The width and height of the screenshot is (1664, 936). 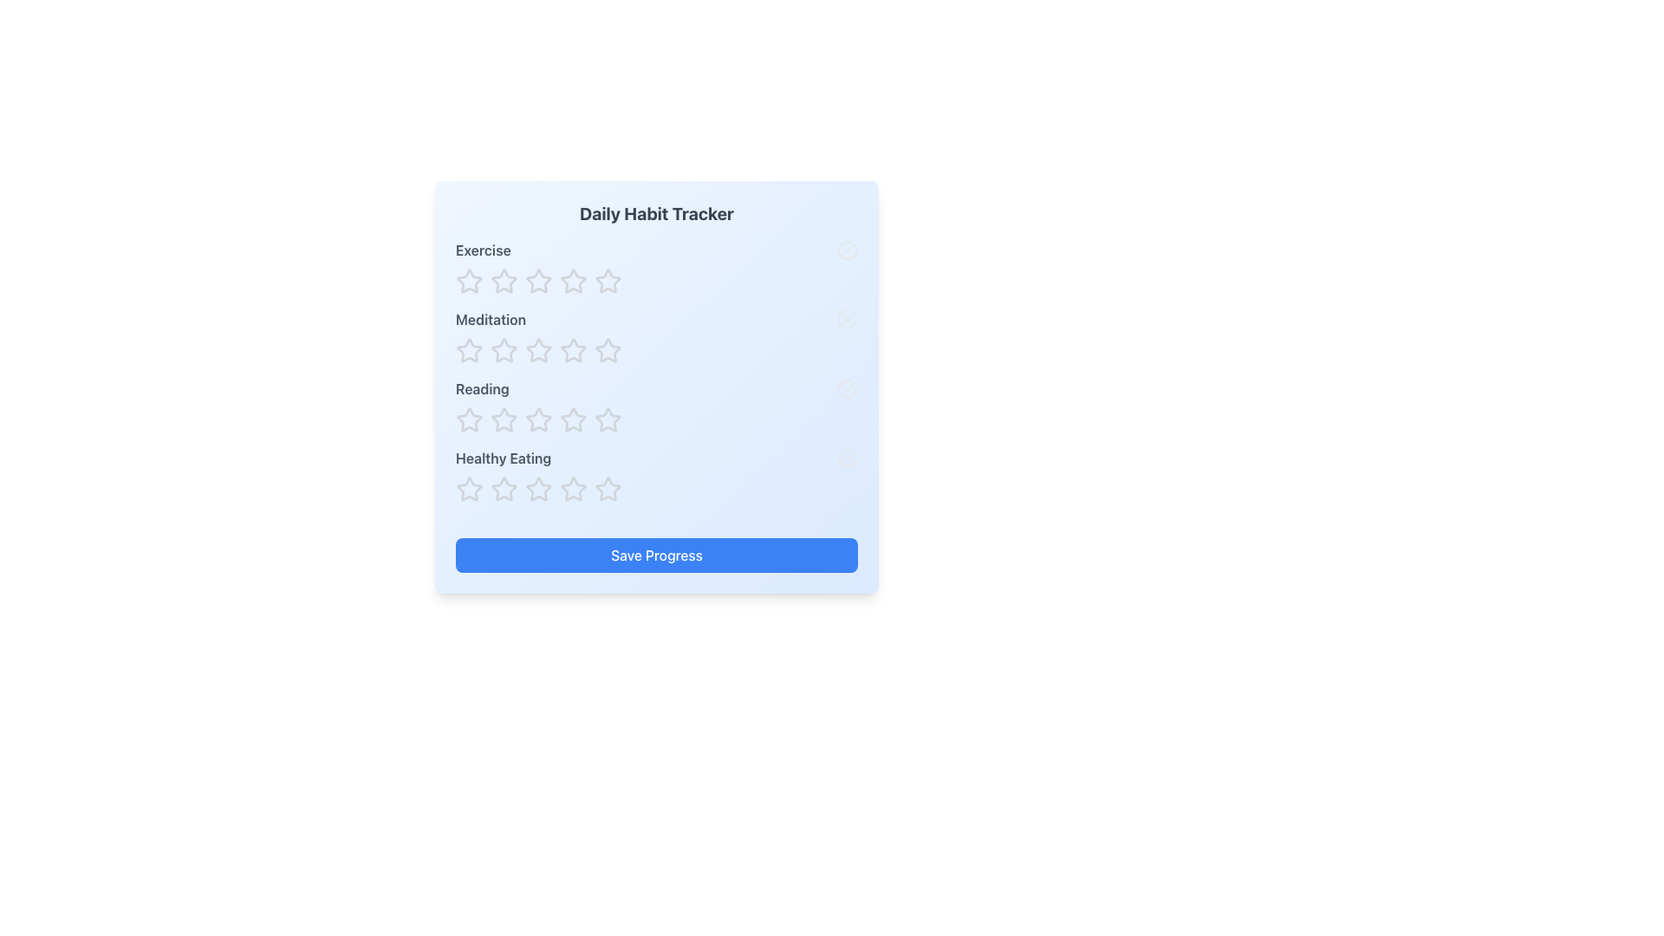 I want to click on the text label that serves as the title for the habit tracking interface, located centrally at the top of the card, so click(x=656, y=212).